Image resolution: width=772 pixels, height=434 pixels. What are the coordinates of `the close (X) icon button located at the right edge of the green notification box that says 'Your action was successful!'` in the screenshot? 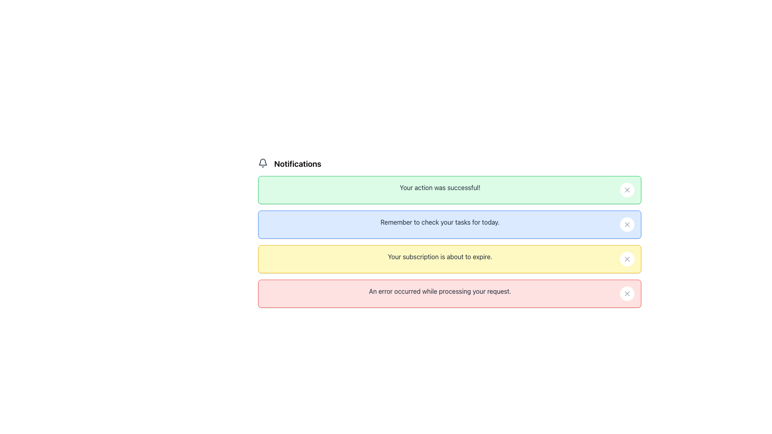 It's located at (627, 190).